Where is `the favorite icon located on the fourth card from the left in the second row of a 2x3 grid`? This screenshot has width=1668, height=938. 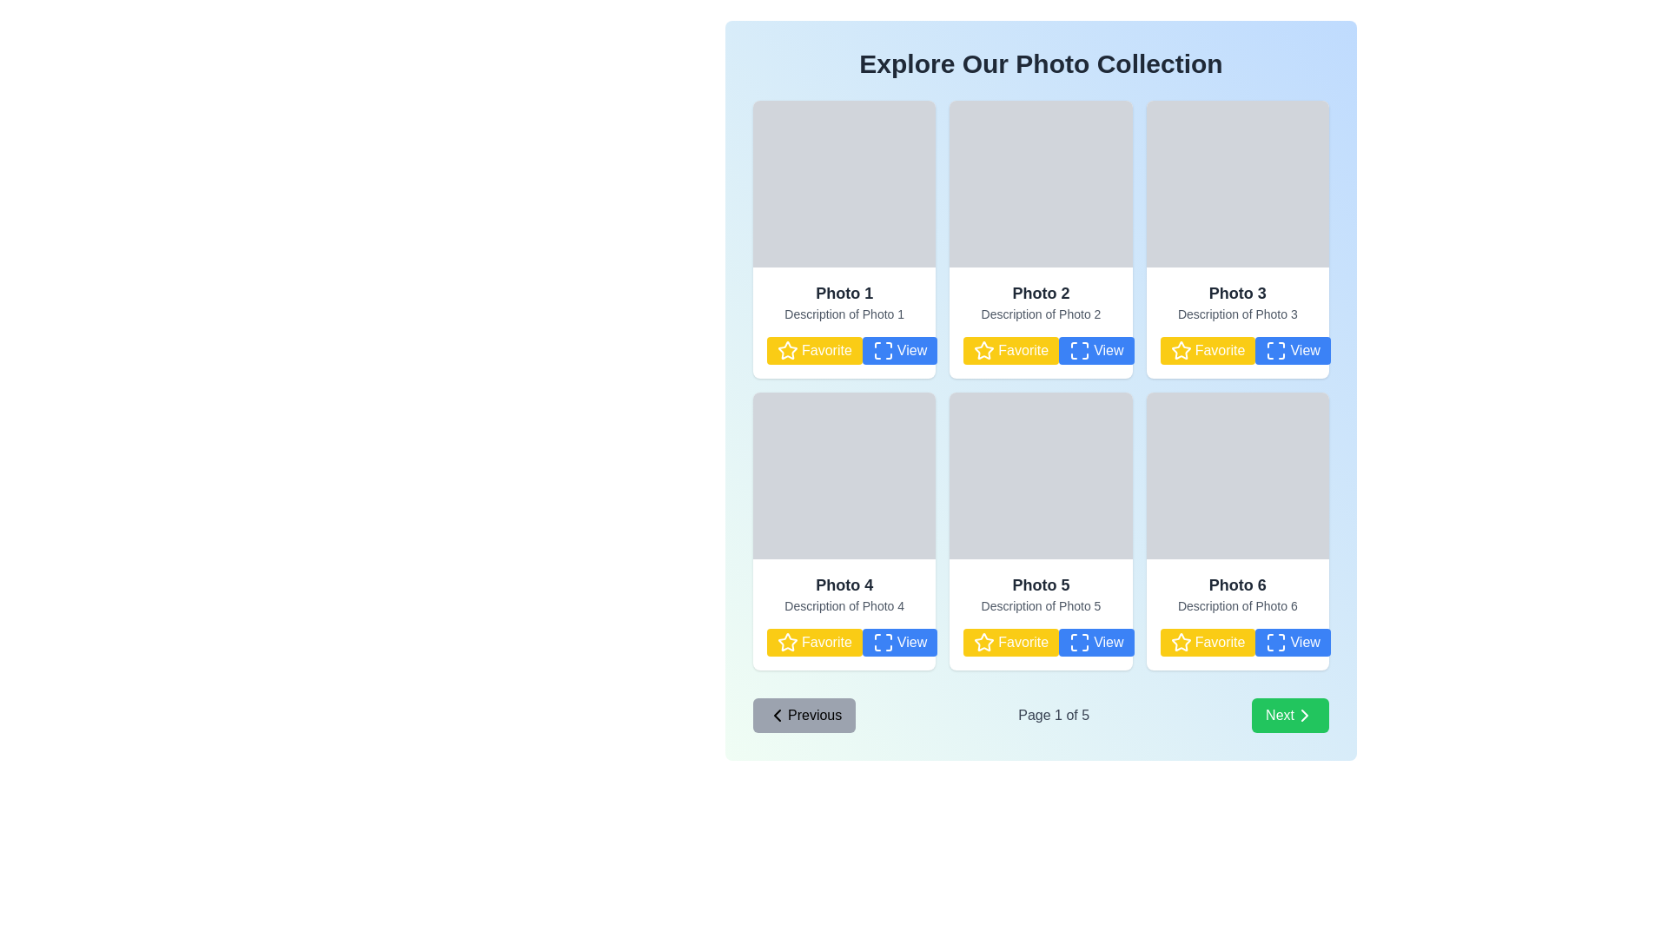 the favorite icon located on the fourth card from the left in the second row of a 2x3 grid is located at coordinates (787, 642).